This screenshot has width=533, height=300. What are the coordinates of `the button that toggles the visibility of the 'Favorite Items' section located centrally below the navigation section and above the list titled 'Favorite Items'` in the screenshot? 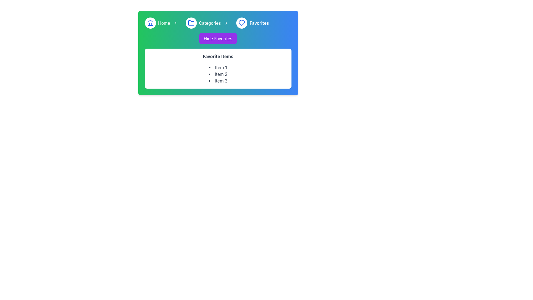 It's located at (218, 38).